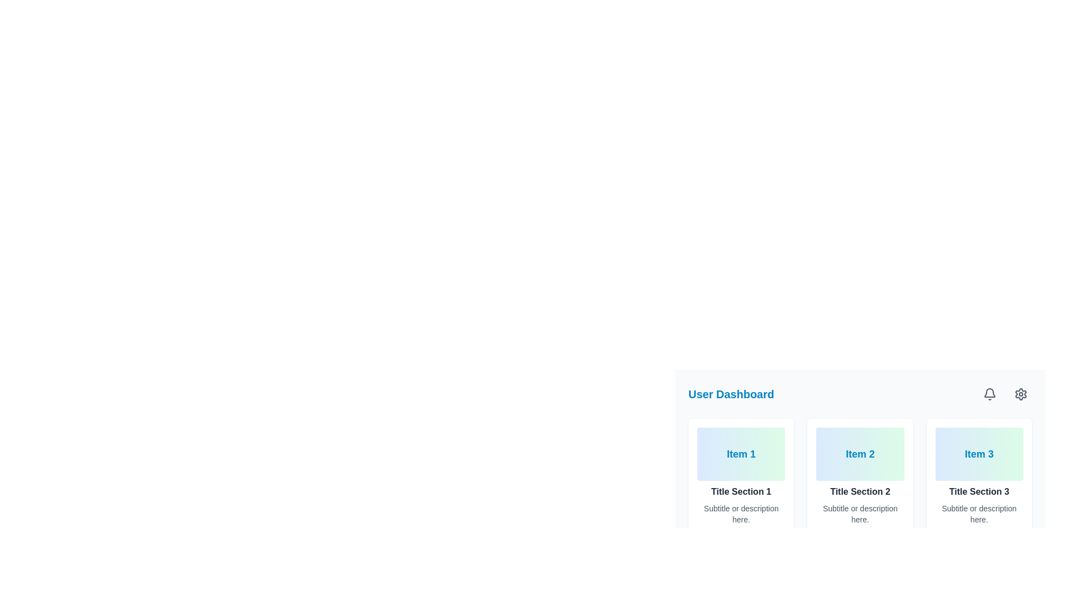 The width and height of the screenshot is (1066, 599). What do you see at coordinates (859, 476) in the screenshot?
I see `the second Card element in the User Dashboard section` at bounding box center [859, 476].